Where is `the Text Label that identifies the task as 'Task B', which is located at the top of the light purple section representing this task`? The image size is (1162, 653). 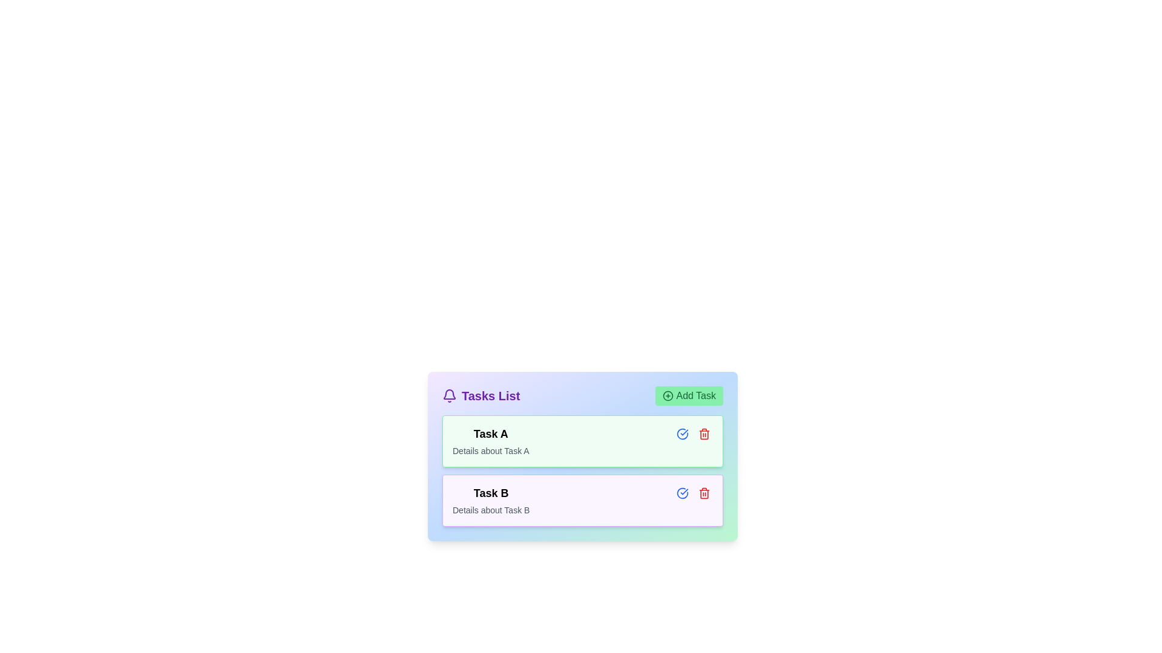
the Text Label that identifies the task as 'Task B', which is located at the top of the light purple section representing this task is located at coordinates (491, 493).